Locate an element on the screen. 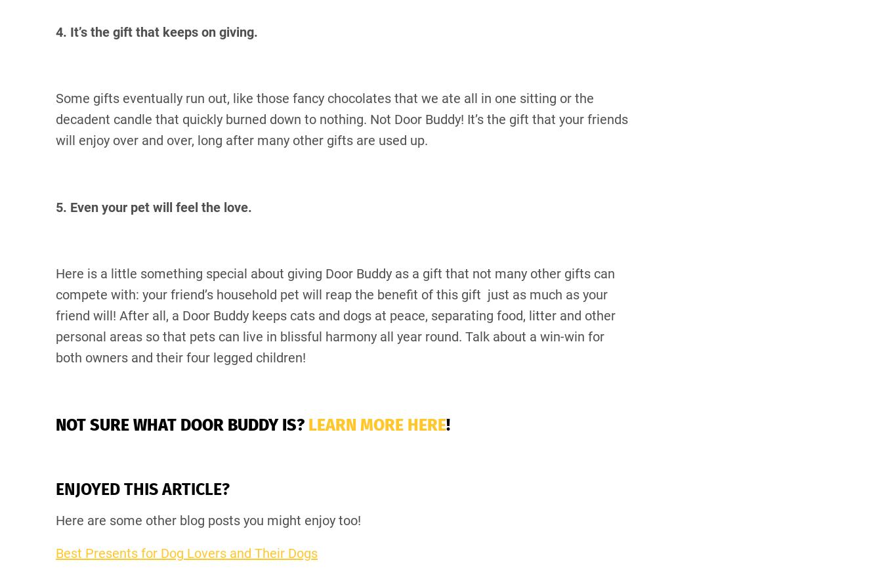 This screenshot has height=579, width=886. 'Some gifts eventually run out, like those fancy chocolates that we ate all in one sitting or the decadent candle that quickly burned down to nothing. Not Door Buddy! It’s the gift that your friends will enjoy over and over, long after many other gifts are used up.' is located at coordinates (341, 118).